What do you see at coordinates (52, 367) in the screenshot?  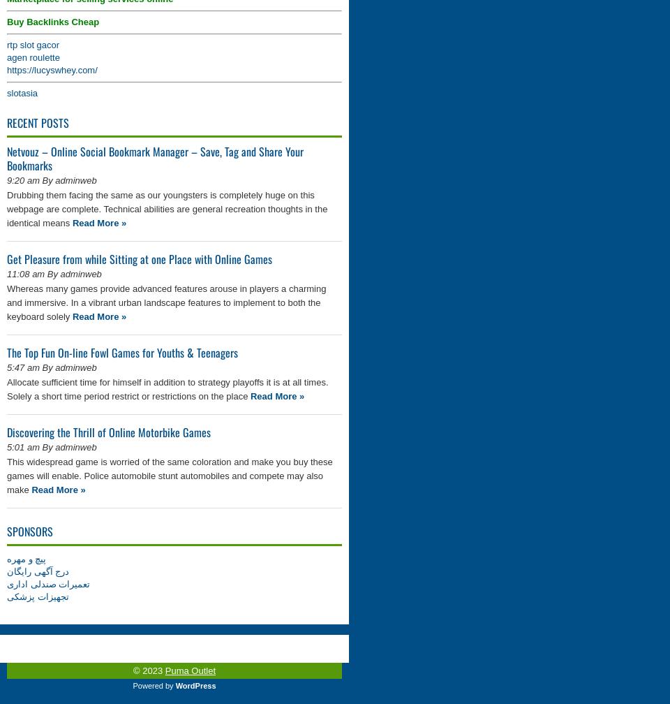 I see `'5:47 am By adminweb'` at bounding box center [52, 367].